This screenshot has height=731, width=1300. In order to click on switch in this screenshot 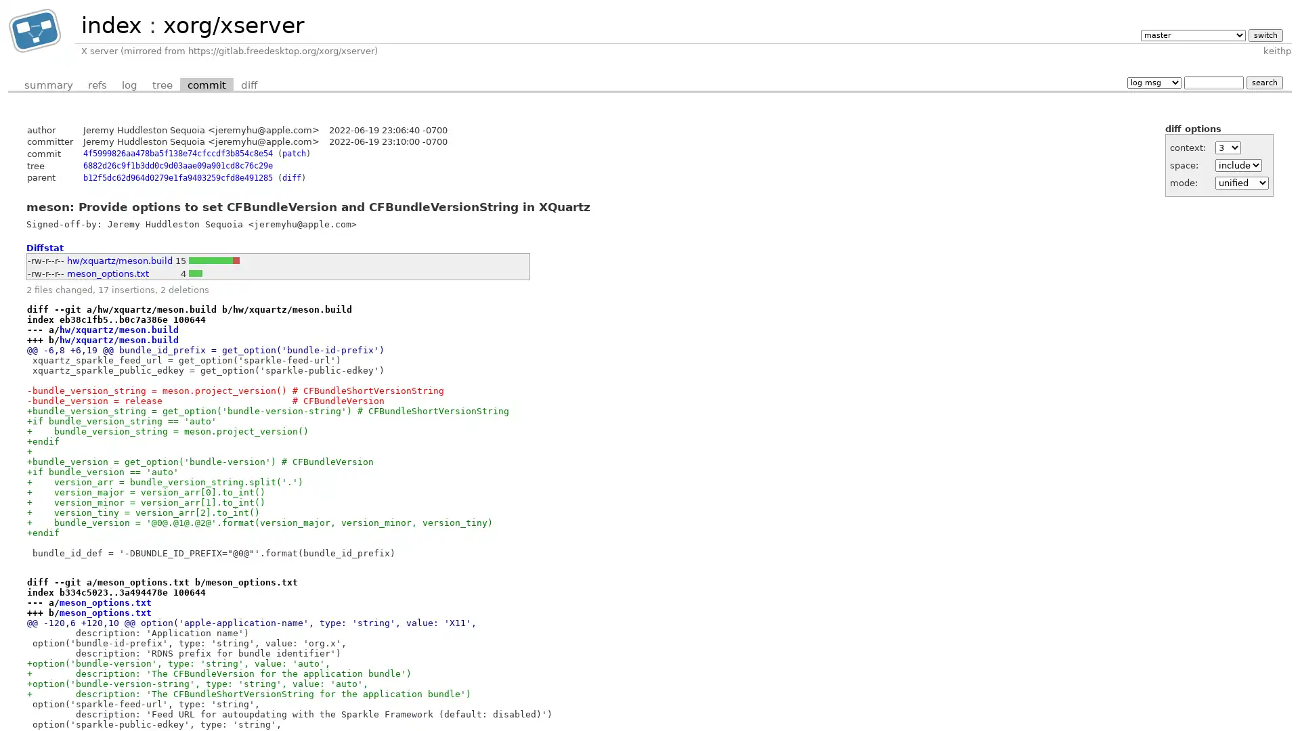, I will do `click(1264, 34)`.